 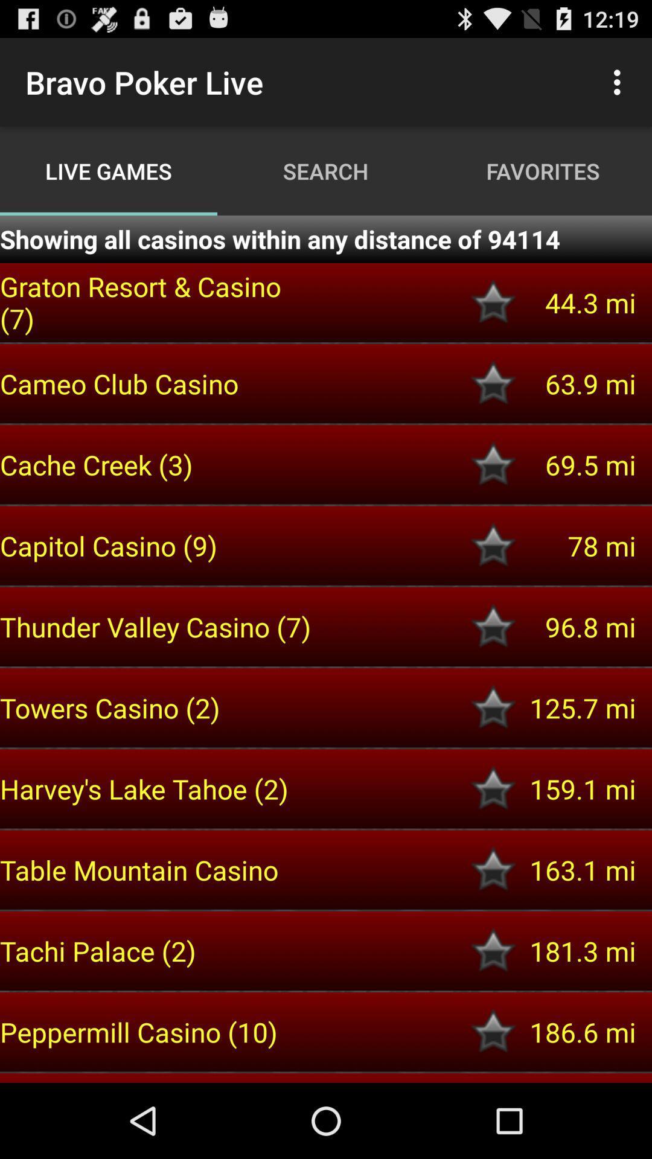 I want to click on favorite option, so click(x=493, y=545).